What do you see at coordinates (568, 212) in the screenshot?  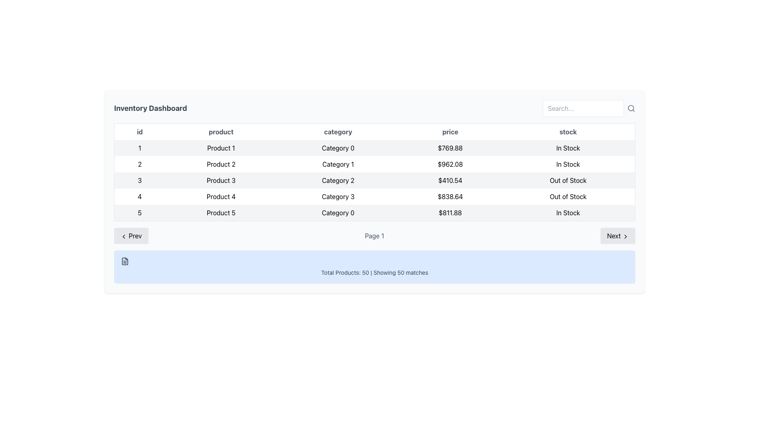 I see `the Static Text element that displays the stock status of the item, located in the fifth row and fifth column of the table, aligned with the 'stock' header` at bounding box center [568, 212].